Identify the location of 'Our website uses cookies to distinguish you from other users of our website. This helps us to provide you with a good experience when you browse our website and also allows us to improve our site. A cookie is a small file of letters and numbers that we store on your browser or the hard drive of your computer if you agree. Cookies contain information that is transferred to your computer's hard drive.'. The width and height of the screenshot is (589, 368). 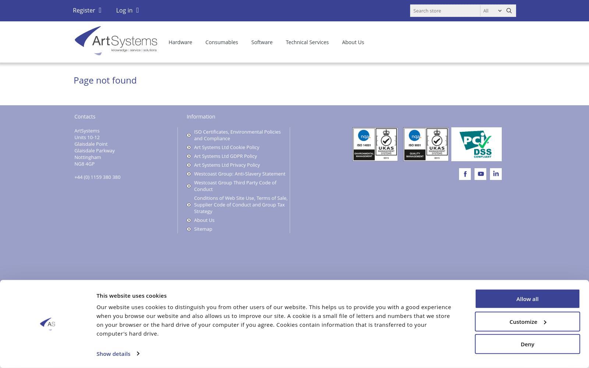
(274, 319).